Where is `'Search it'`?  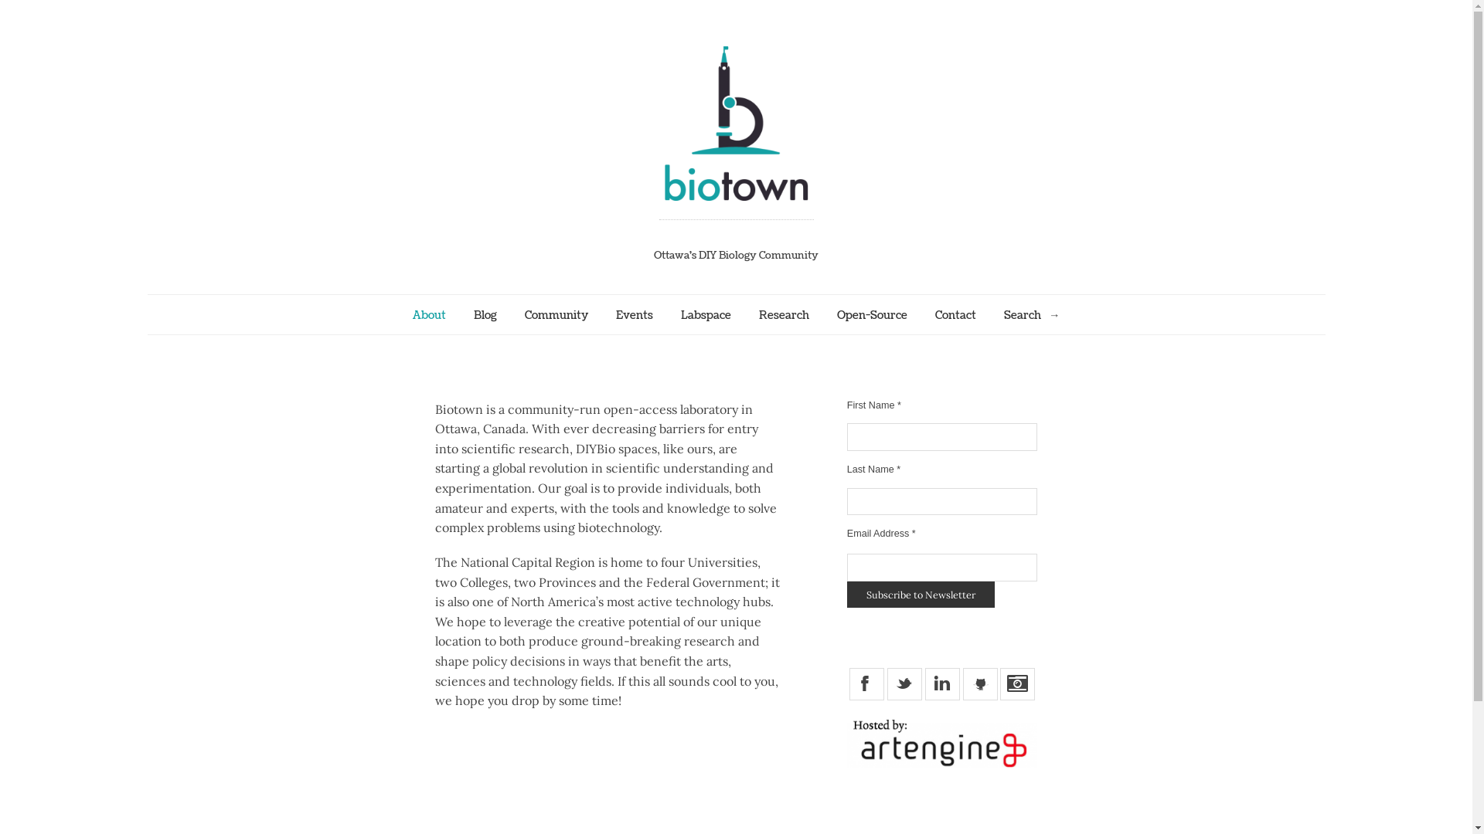
'Search it' is located at coordinates (1053, 314).